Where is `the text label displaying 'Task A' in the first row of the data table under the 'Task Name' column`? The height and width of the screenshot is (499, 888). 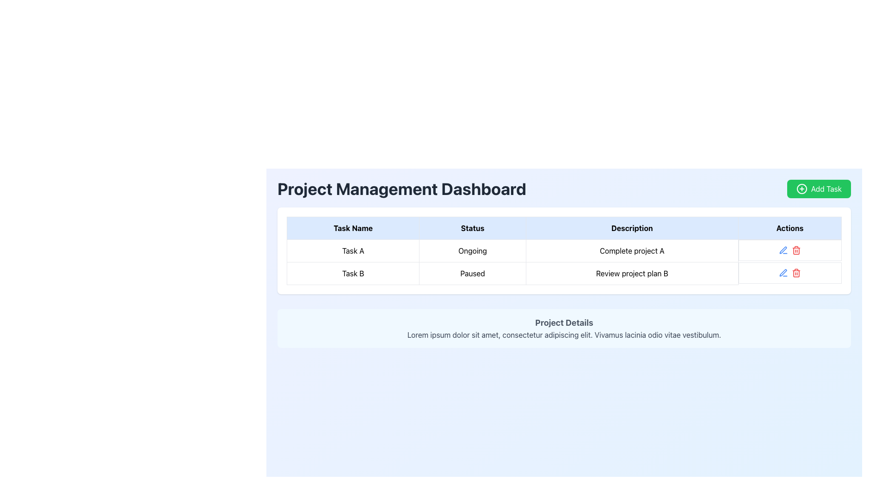
the text label displaying 'Task A' in the first row of the data table under the 'Task Name' column is located at coordinates (352, 251).